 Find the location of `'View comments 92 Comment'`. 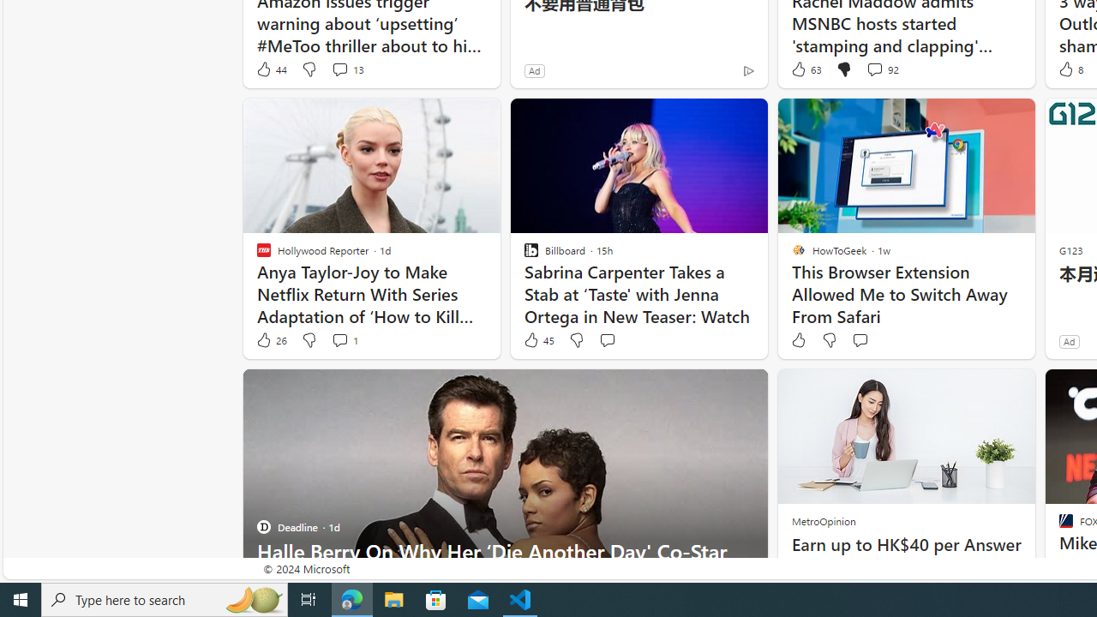

'View comments 92 Comment' is located at coordinates (874, 69).